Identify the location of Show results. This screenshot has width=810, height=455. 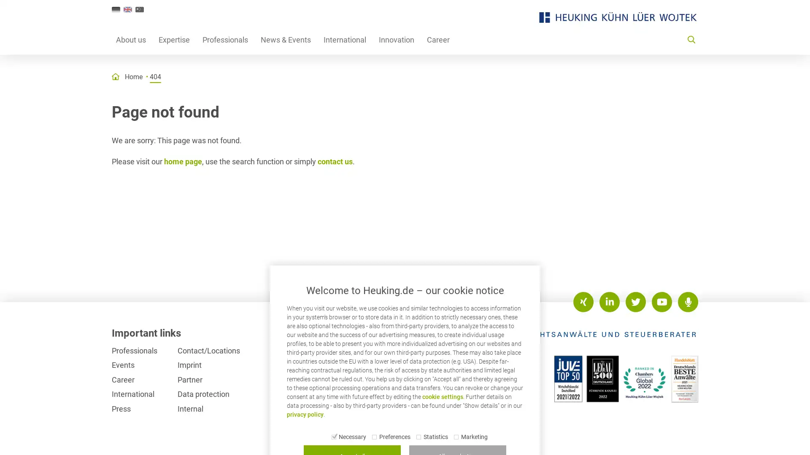
(632, 94).